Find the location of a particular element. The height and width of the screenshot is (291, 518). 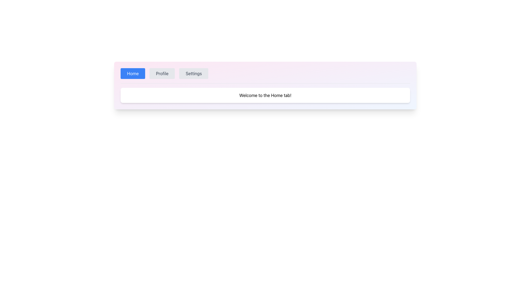

the 'Home' navigation button located at the left end of the navigation bar is located at coordinates (133, 74).